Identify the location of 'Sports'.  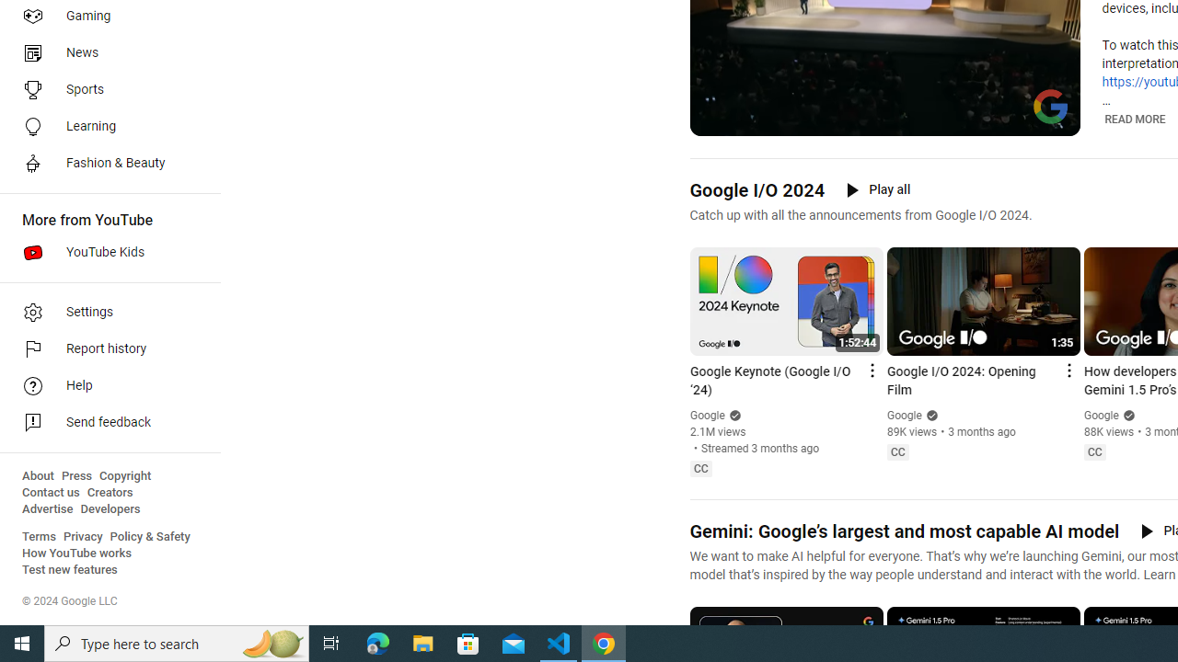
(103, 89).